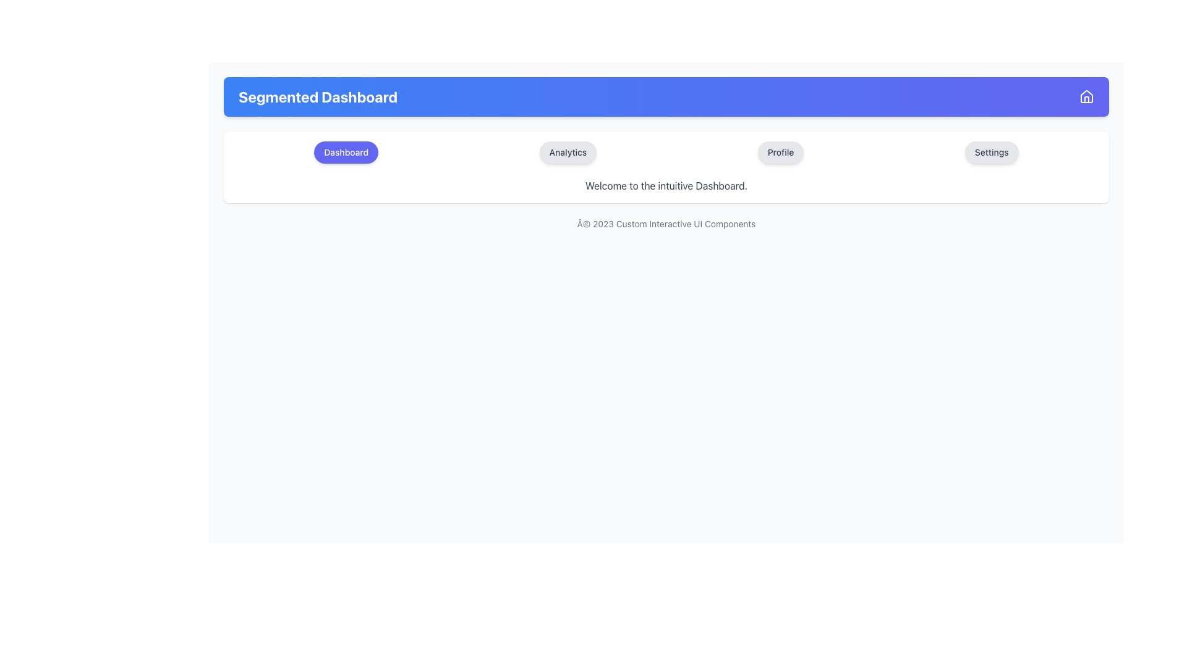 The width and height of the screenshot is (1187, 667). I want to click on the 'Analytics' navigation button, which is the second button in a horizontal row of four buttons, so click(567, 151).